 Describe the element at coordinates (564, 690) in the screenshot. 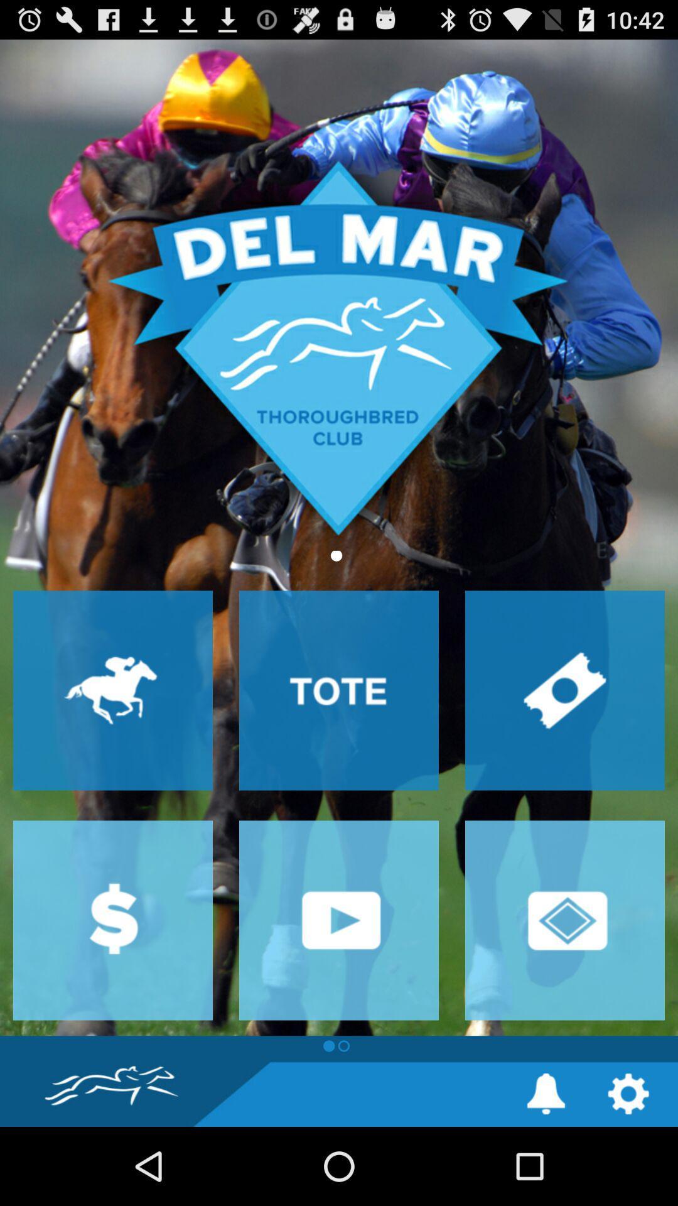

I see `purchase tickets` at that location.